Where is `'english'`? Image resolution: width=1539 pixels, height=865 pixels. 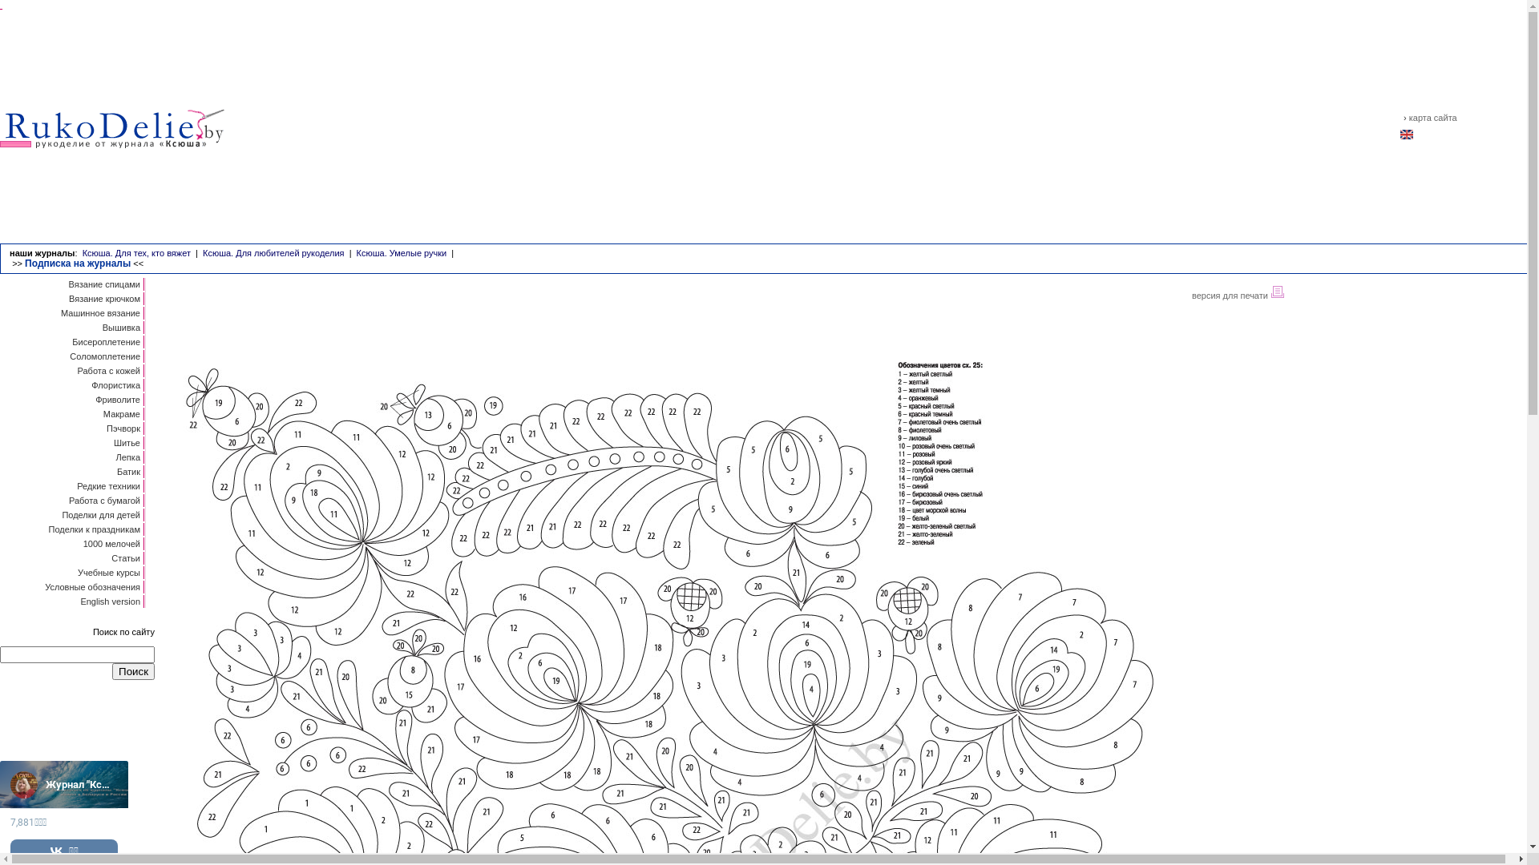
'english' is located at coordinates (1406, 139).